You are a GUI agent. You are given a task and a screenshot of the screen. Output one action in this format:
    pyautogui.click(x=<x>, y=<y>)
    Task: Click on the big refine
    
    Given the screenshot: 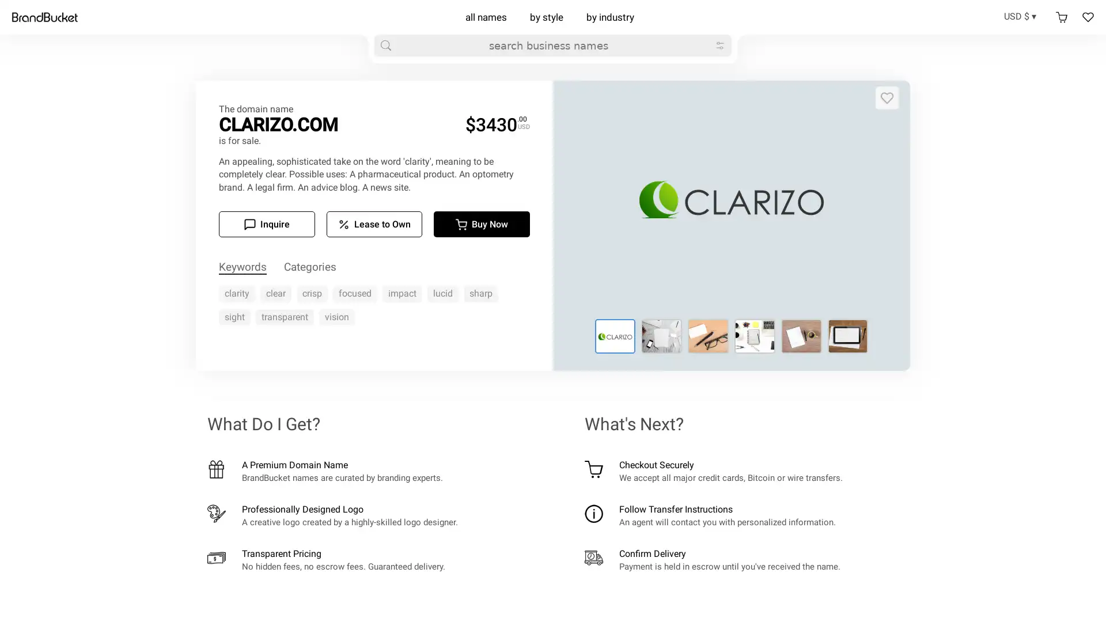 What is the action you would take?
    pyautogui.click(x=719, y=44)
    